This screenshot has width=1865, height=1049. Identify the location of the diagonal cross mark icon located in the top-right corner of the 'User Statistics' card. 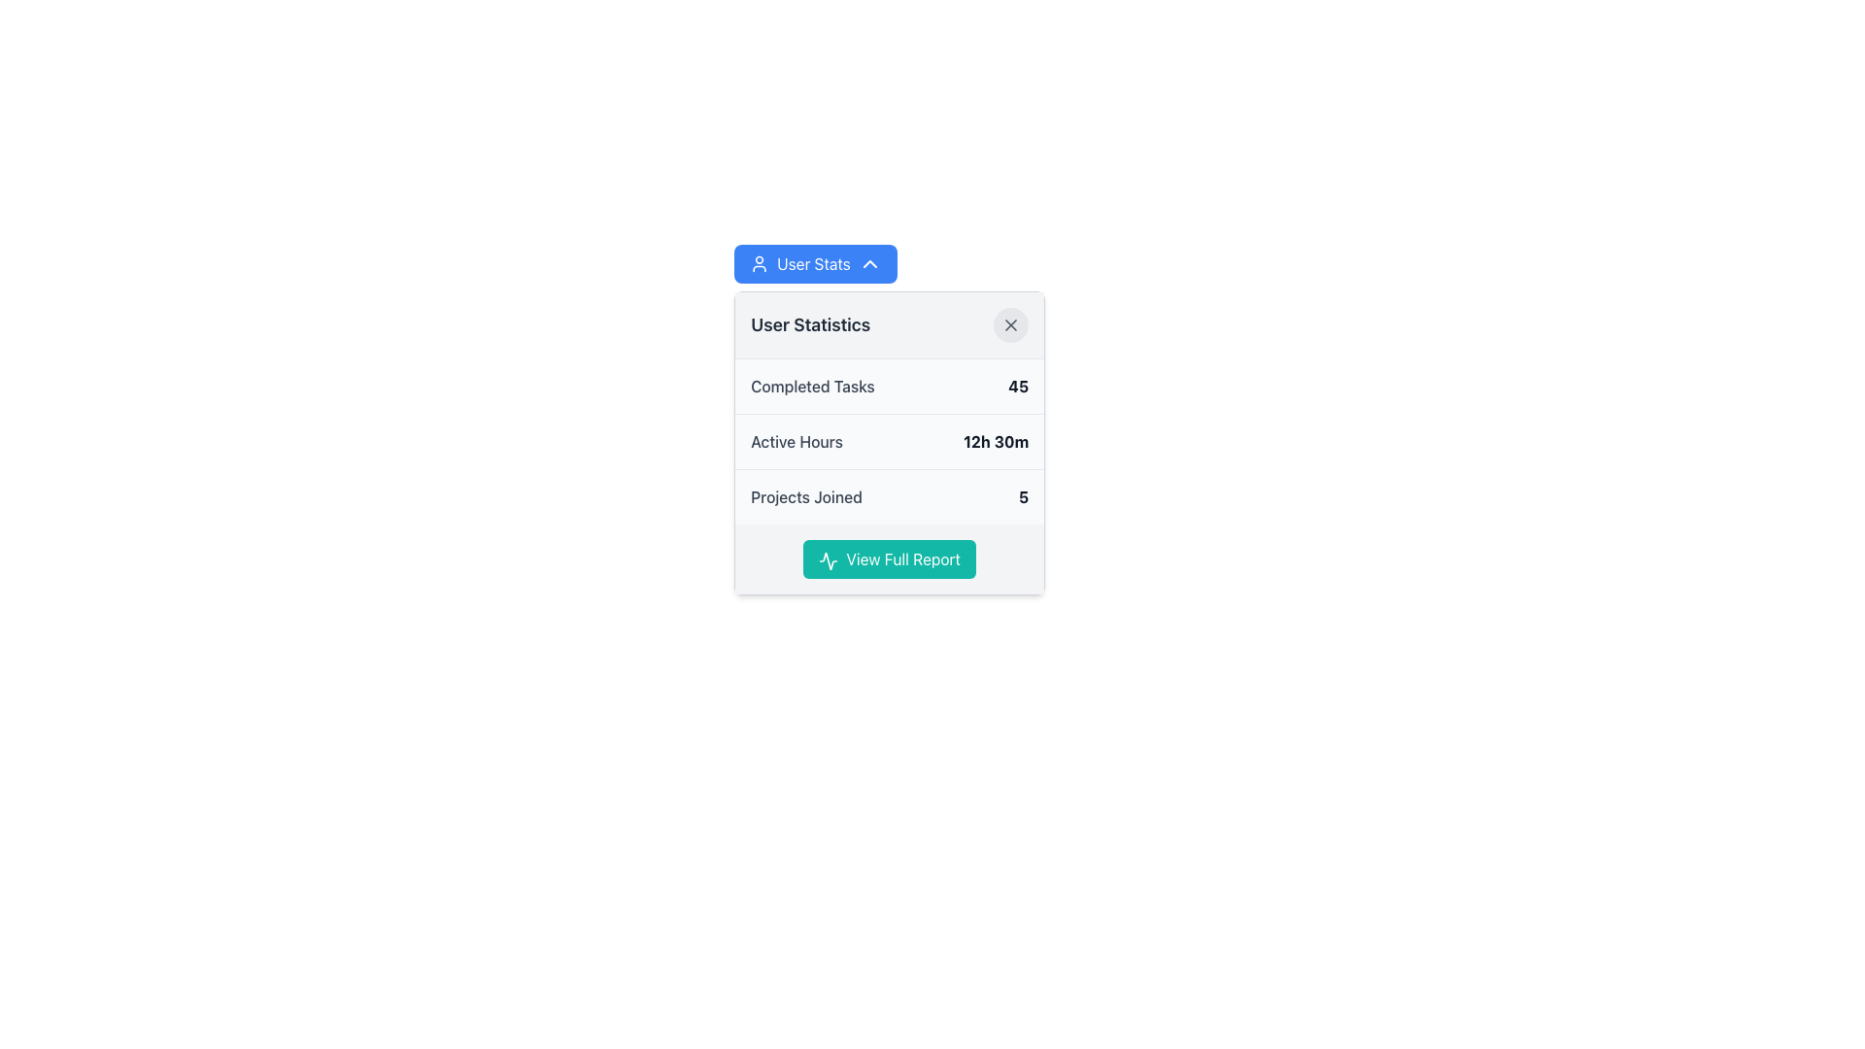
(1010, 324).